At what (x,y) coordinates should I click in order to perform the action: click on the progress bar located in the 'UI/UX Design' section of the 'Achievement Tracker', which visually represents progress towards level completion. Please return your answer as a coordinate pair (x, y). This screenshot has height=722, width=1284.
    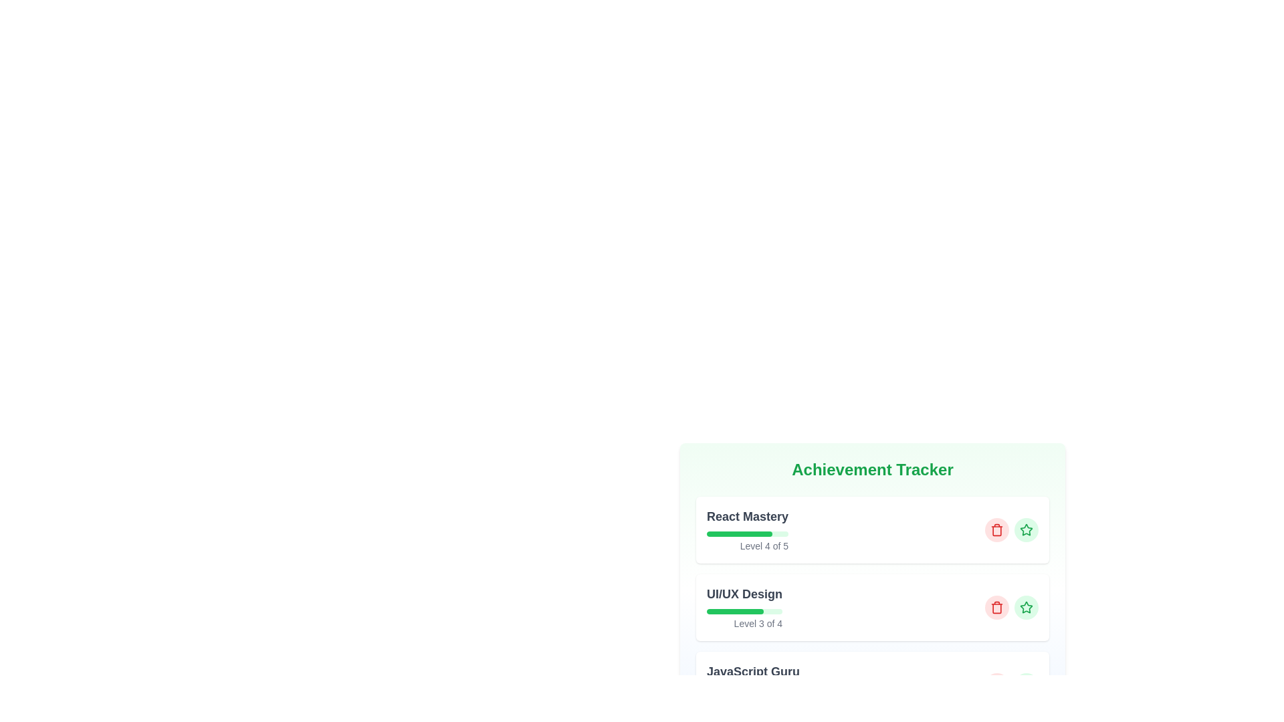
    Looking at the image, I should click on (744, 611).